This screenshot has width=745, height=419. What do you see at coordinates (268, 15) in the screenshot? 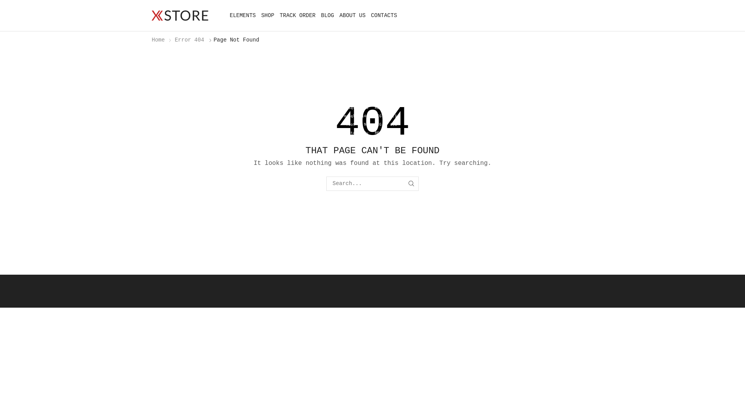
I see `'SHOP'` at bounding box center [268, 15].